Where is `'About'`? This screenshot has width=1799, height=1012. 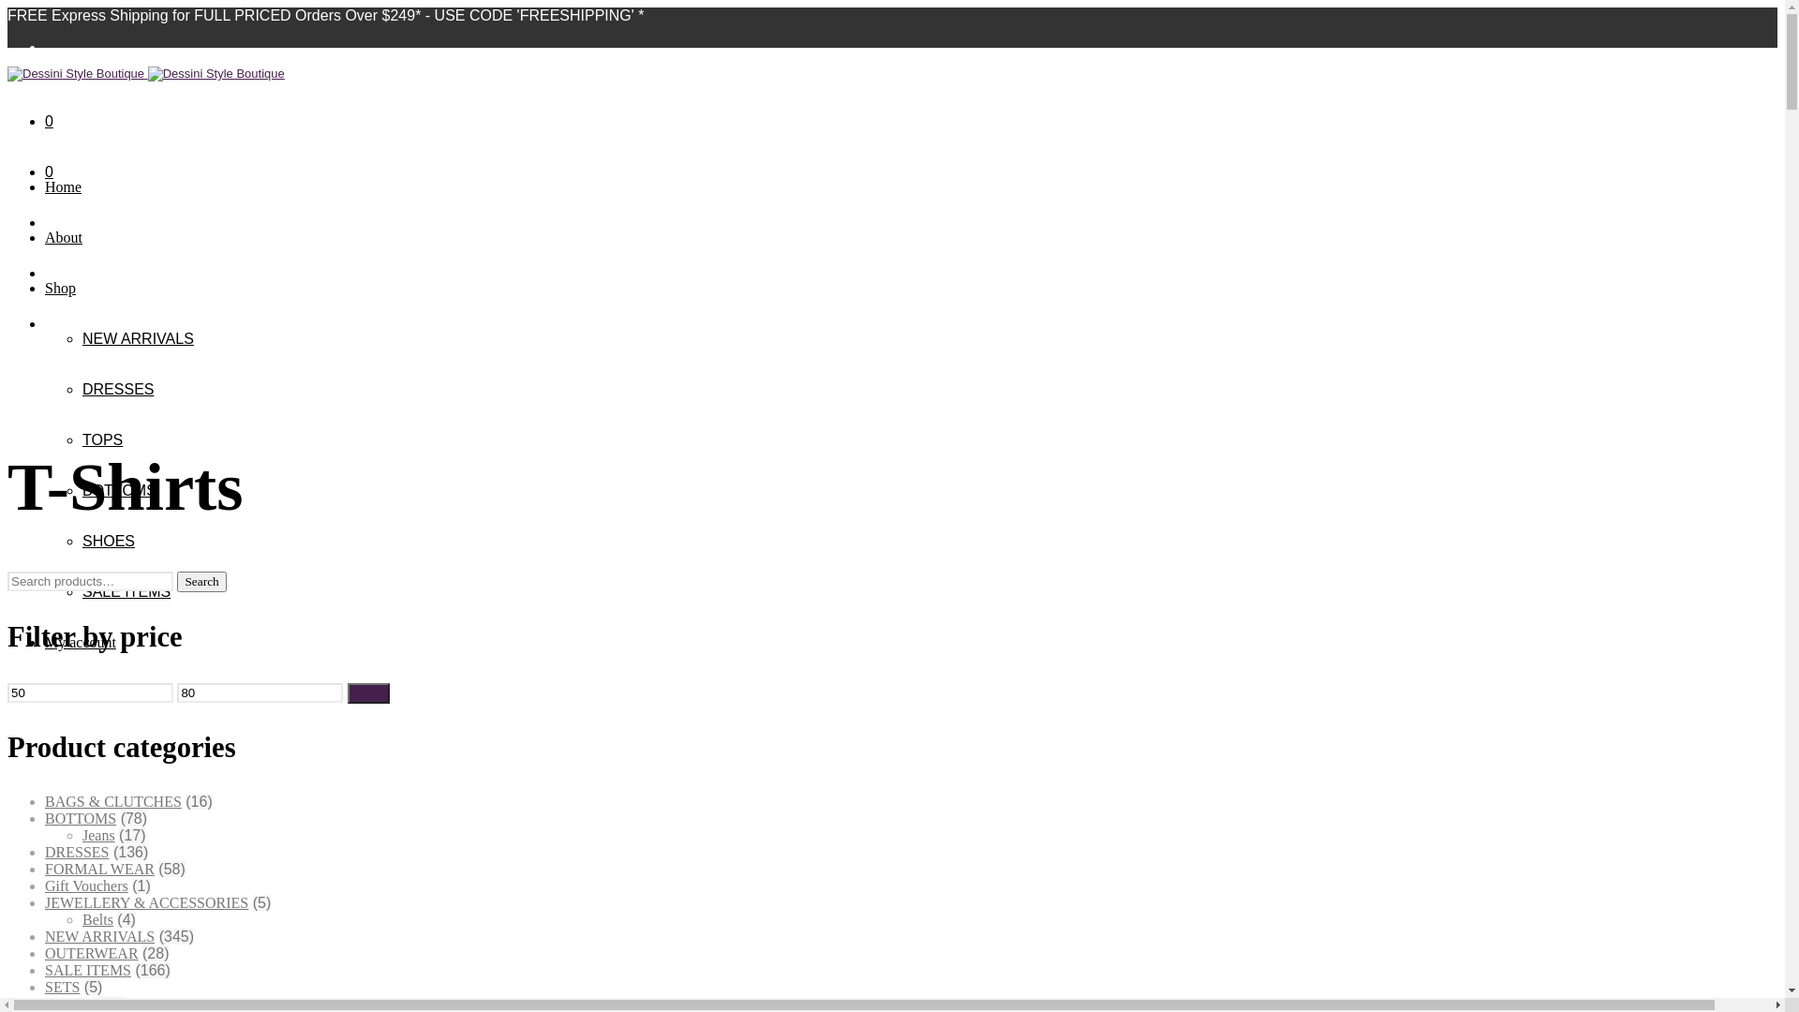
'About' is located at coordinates (63, 236).